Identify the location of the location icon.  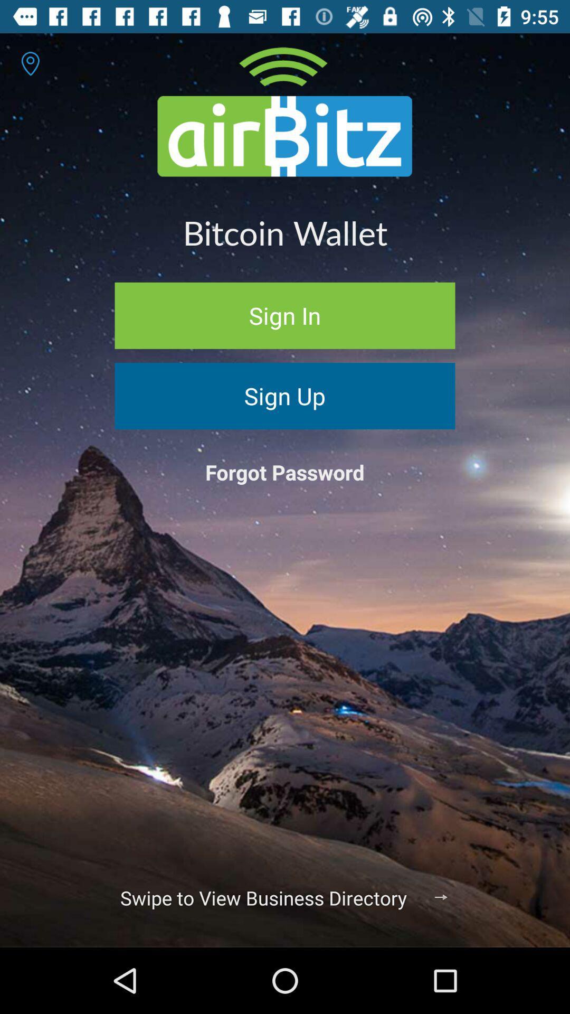
(30, 63).